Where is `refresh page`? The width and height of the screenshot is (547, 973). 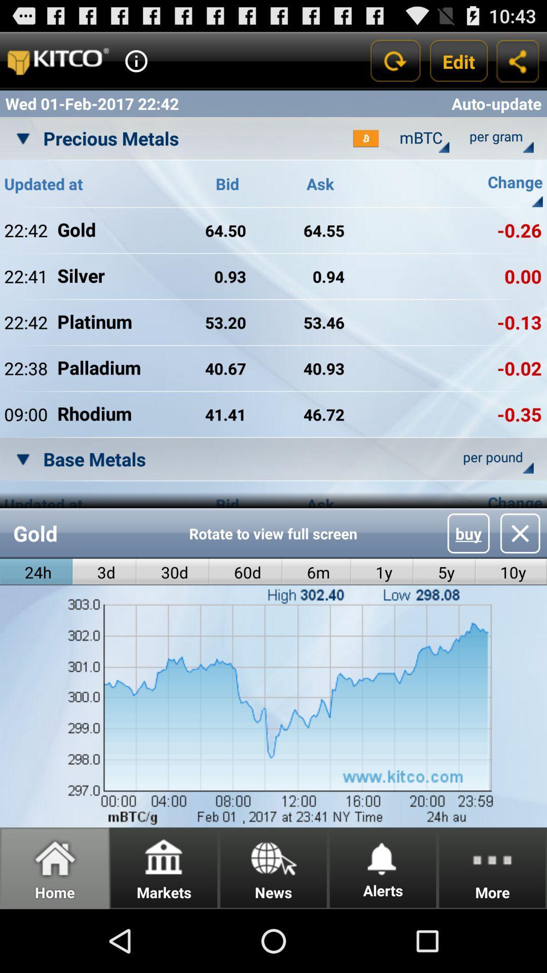 refresh page is located at coordinates (394, 60).